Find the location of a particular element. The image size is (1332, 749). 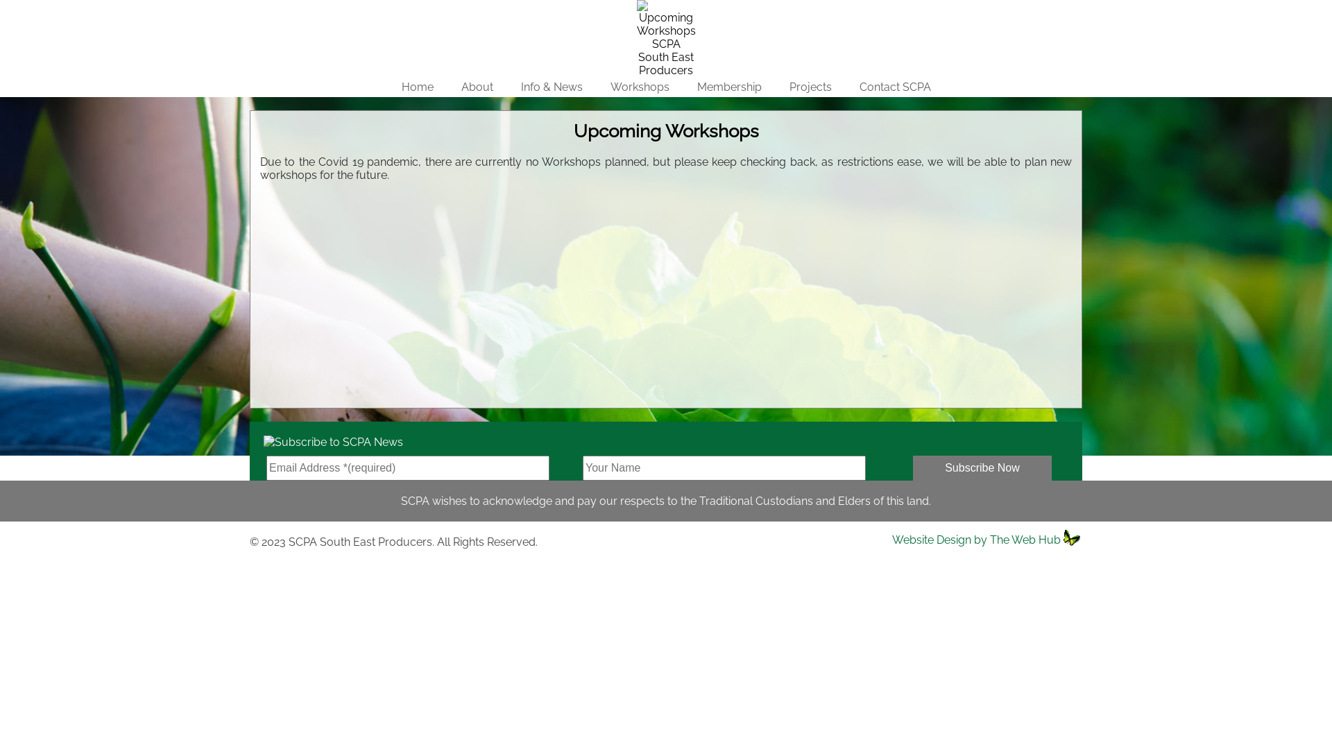

'About' is located at coordinates (476, 87).